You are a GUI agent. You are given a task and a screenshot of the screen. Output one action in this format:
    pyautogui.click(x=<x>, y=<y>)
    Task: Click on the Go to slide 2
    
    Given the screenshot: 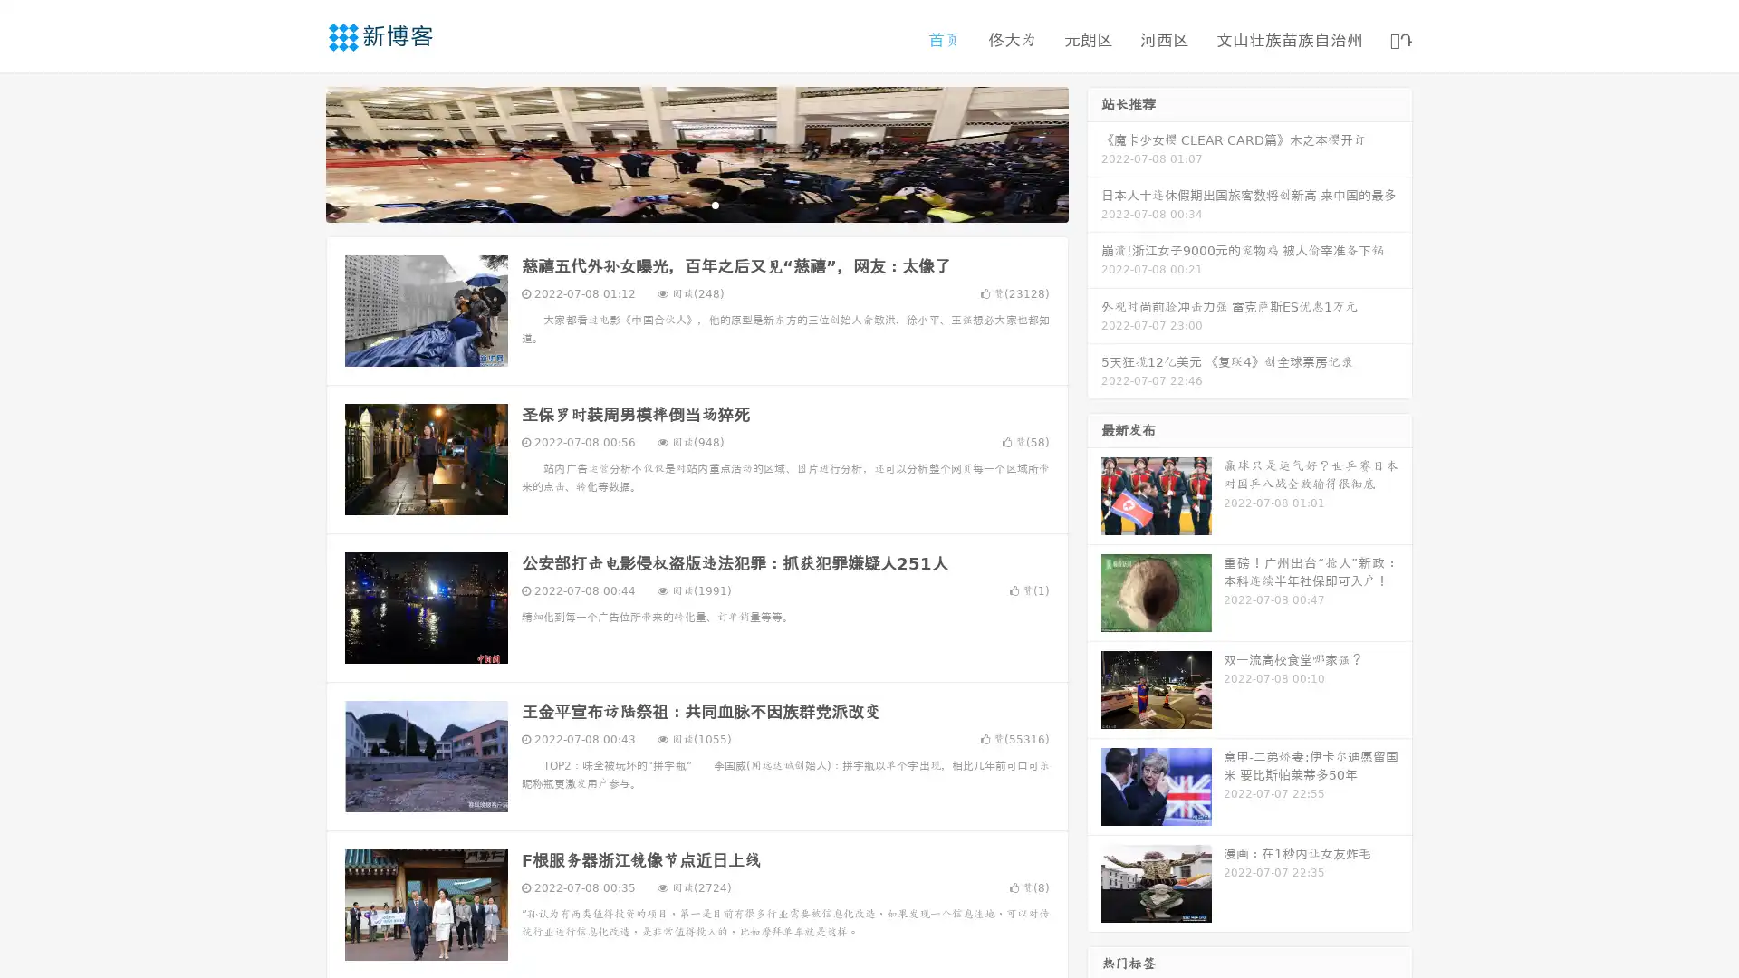 What is the action you would take?
    pyautogui.click(x=696, y=204)
    